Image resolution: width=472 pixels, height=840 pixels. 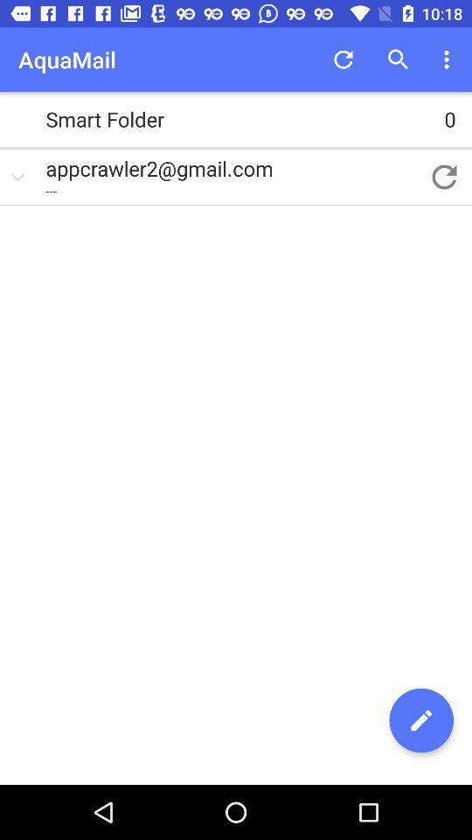 What do you see at coordinates (344, 59) in the screenshot?
I see `the item above smart folder` at bounding box center [344, 59].